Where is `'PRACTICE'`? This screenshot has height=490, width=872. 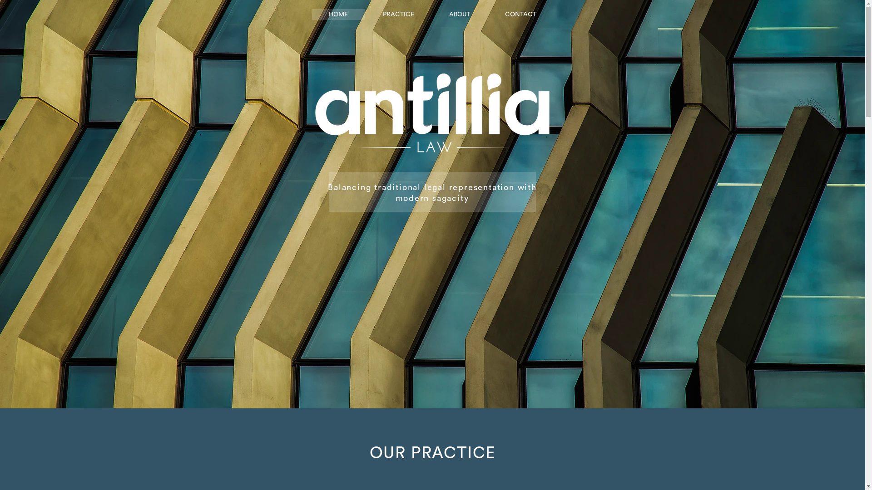
'PRACTICE' is located at coordinates (398, 14).